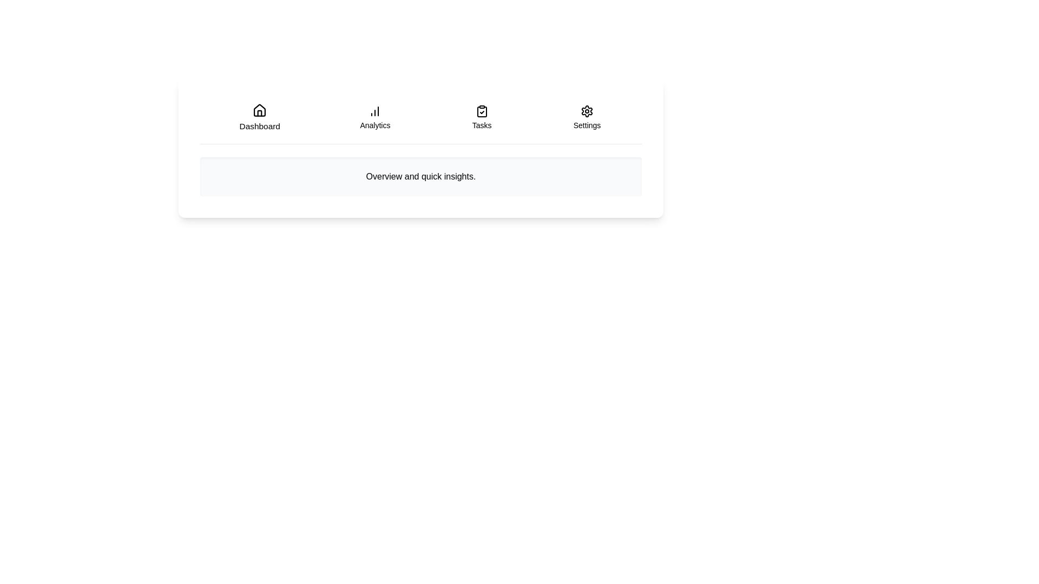 This screenshot has height=584, width=1039. Describe the element at coordinates (259, 125) in the screenshot. I see `the 'Dashboard' text label located beneath the house-shaped icon in the top menu section` at that location.